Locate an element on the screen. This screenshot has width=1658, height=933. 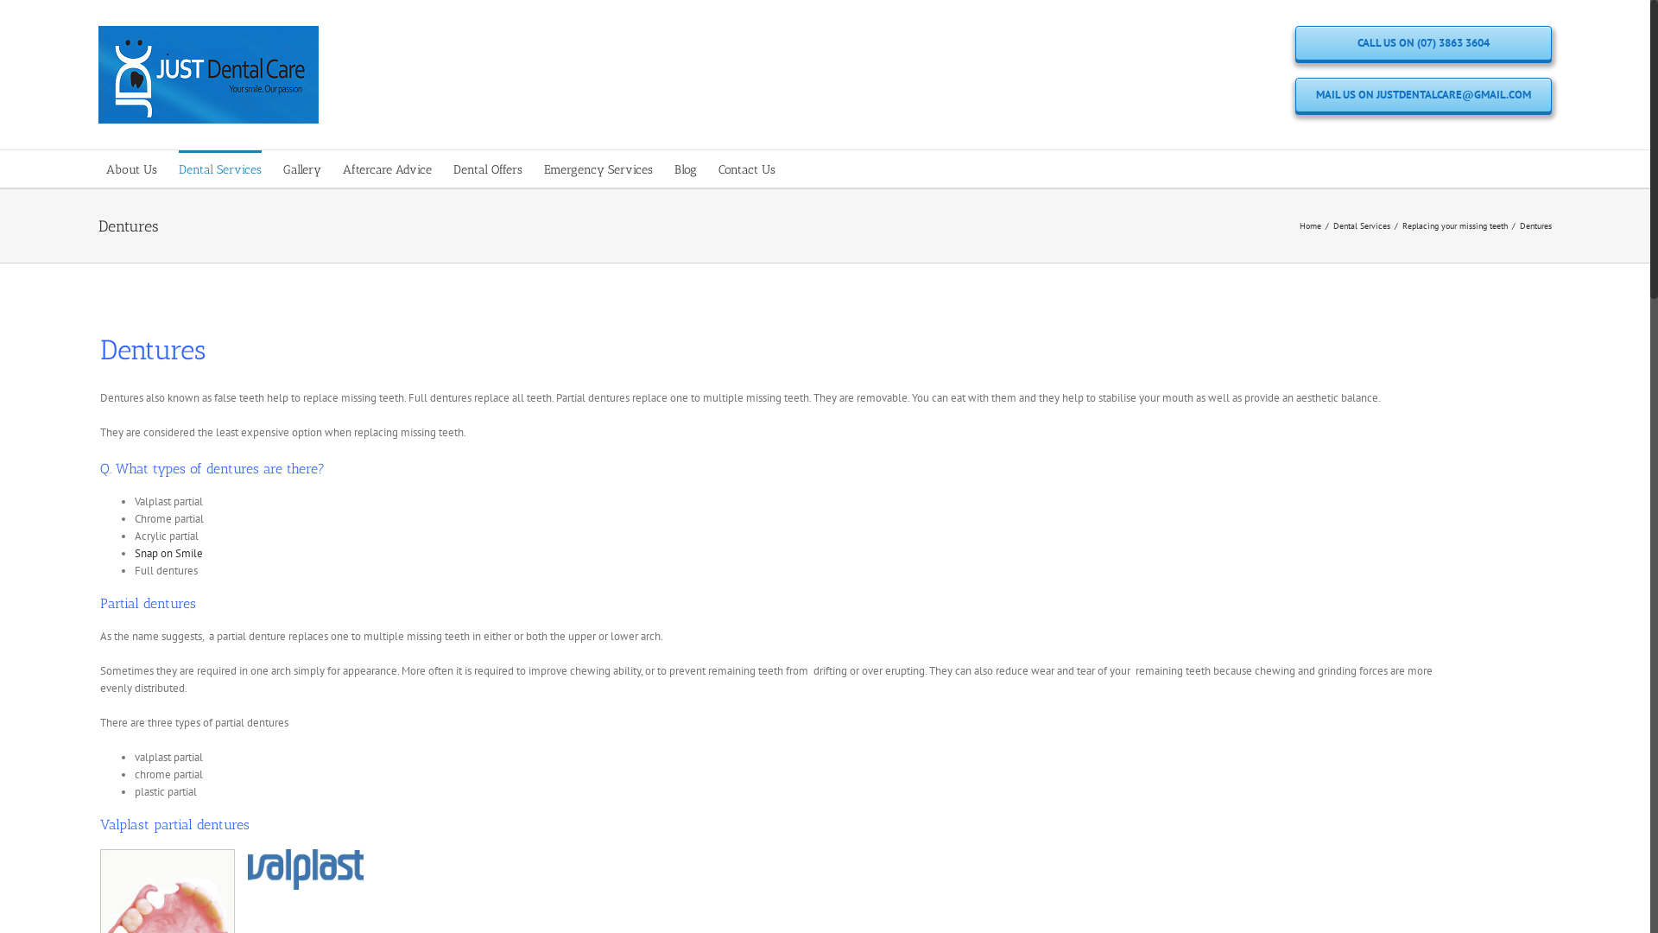
'Snap on Smile' is located at coordinates (134, 553).